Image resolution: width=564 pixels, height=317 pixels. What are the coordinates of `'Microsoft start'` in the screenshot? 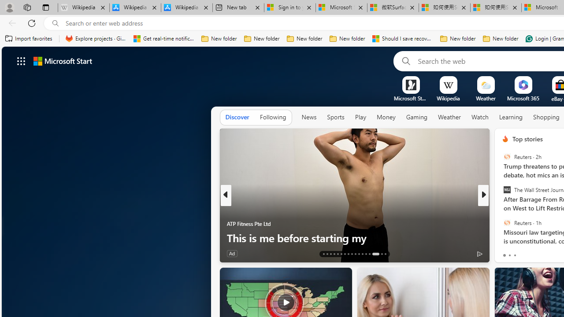 It's located at (62, 60).